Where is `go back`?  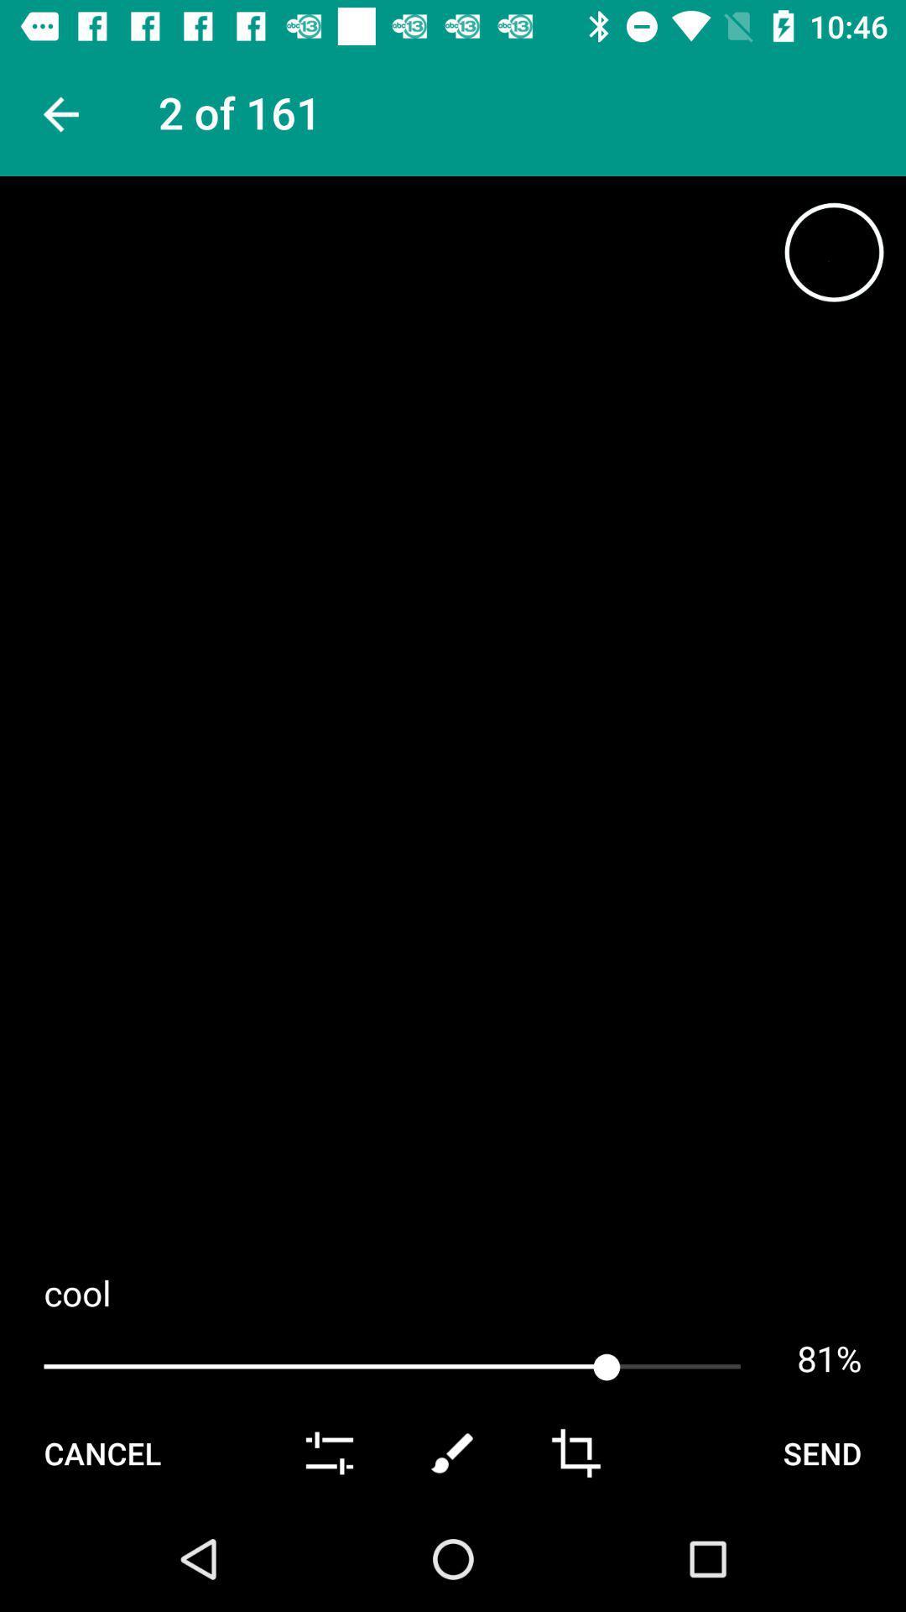 go back is located at coordinates (58, 113).